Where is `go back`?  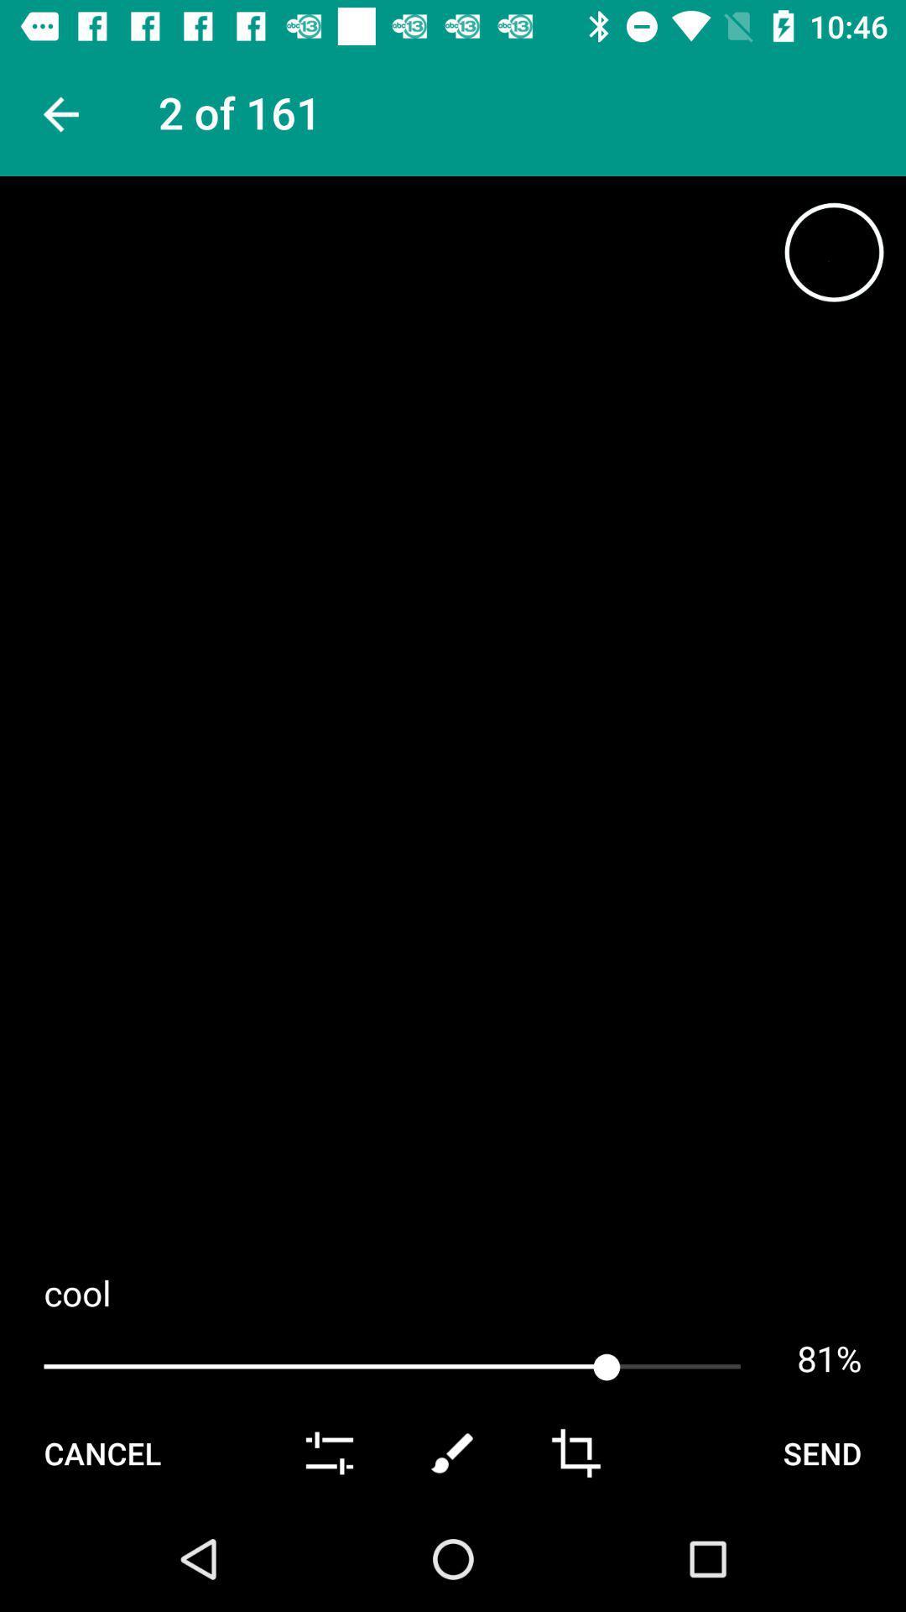 go back is located at coordinates (58, 113).